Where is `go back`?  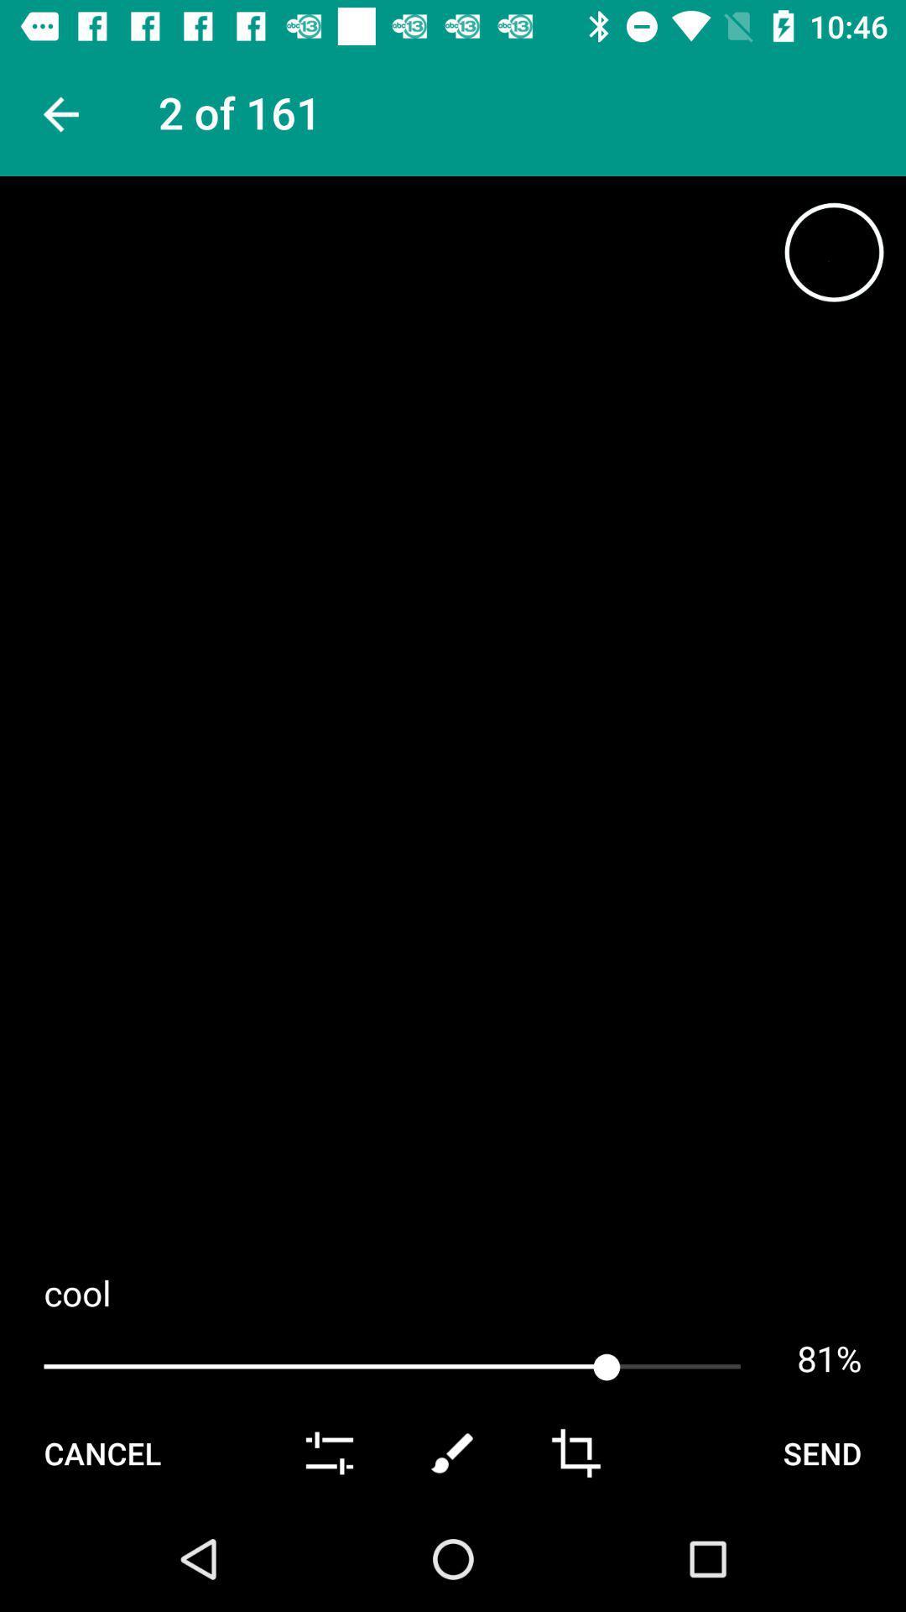 go back is located at coordinates (58, 113).